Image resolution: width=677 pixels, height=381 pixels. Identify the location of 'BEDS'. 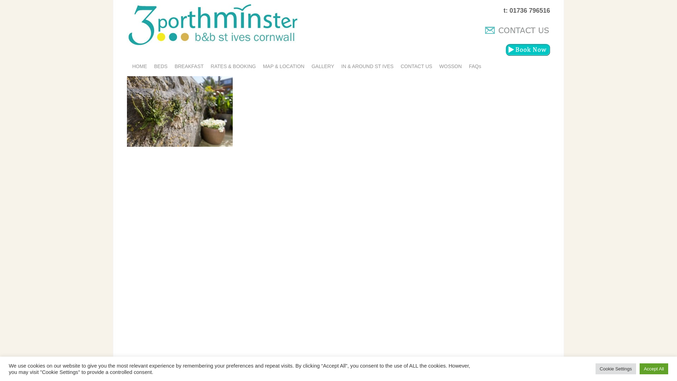
(150, 66).